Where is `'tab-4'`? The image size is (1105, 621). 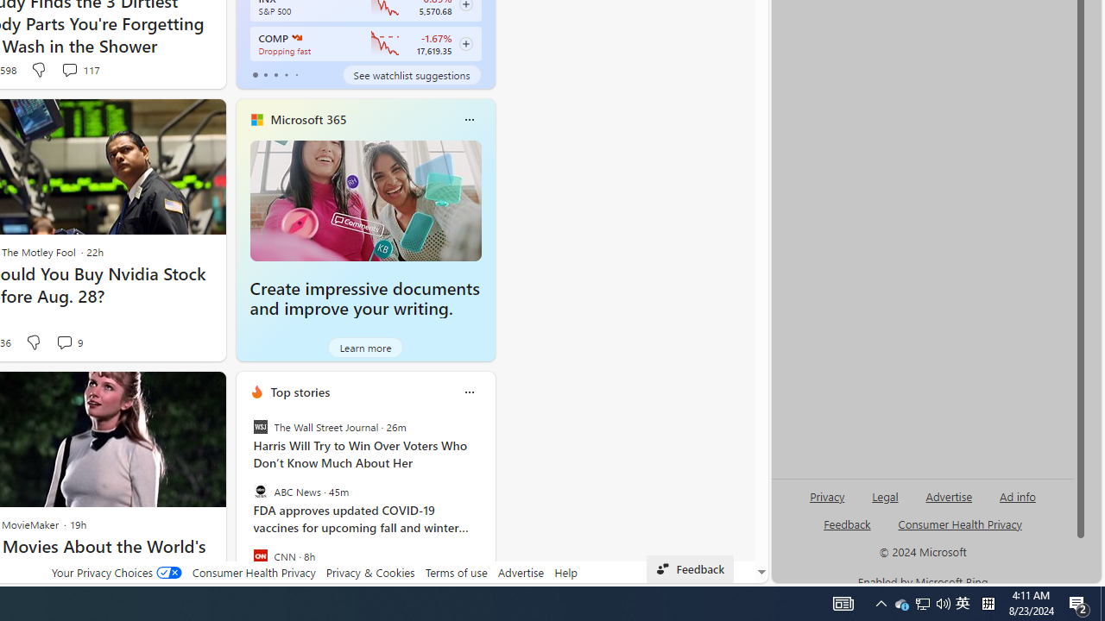 'tab-4' is located at coordinates (296, 74).